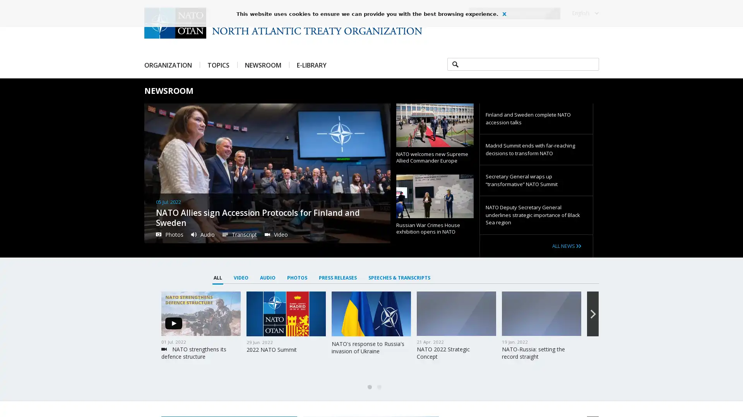 This screenshot has height=417, width=743. I want to click on 1, so click(369, 387).